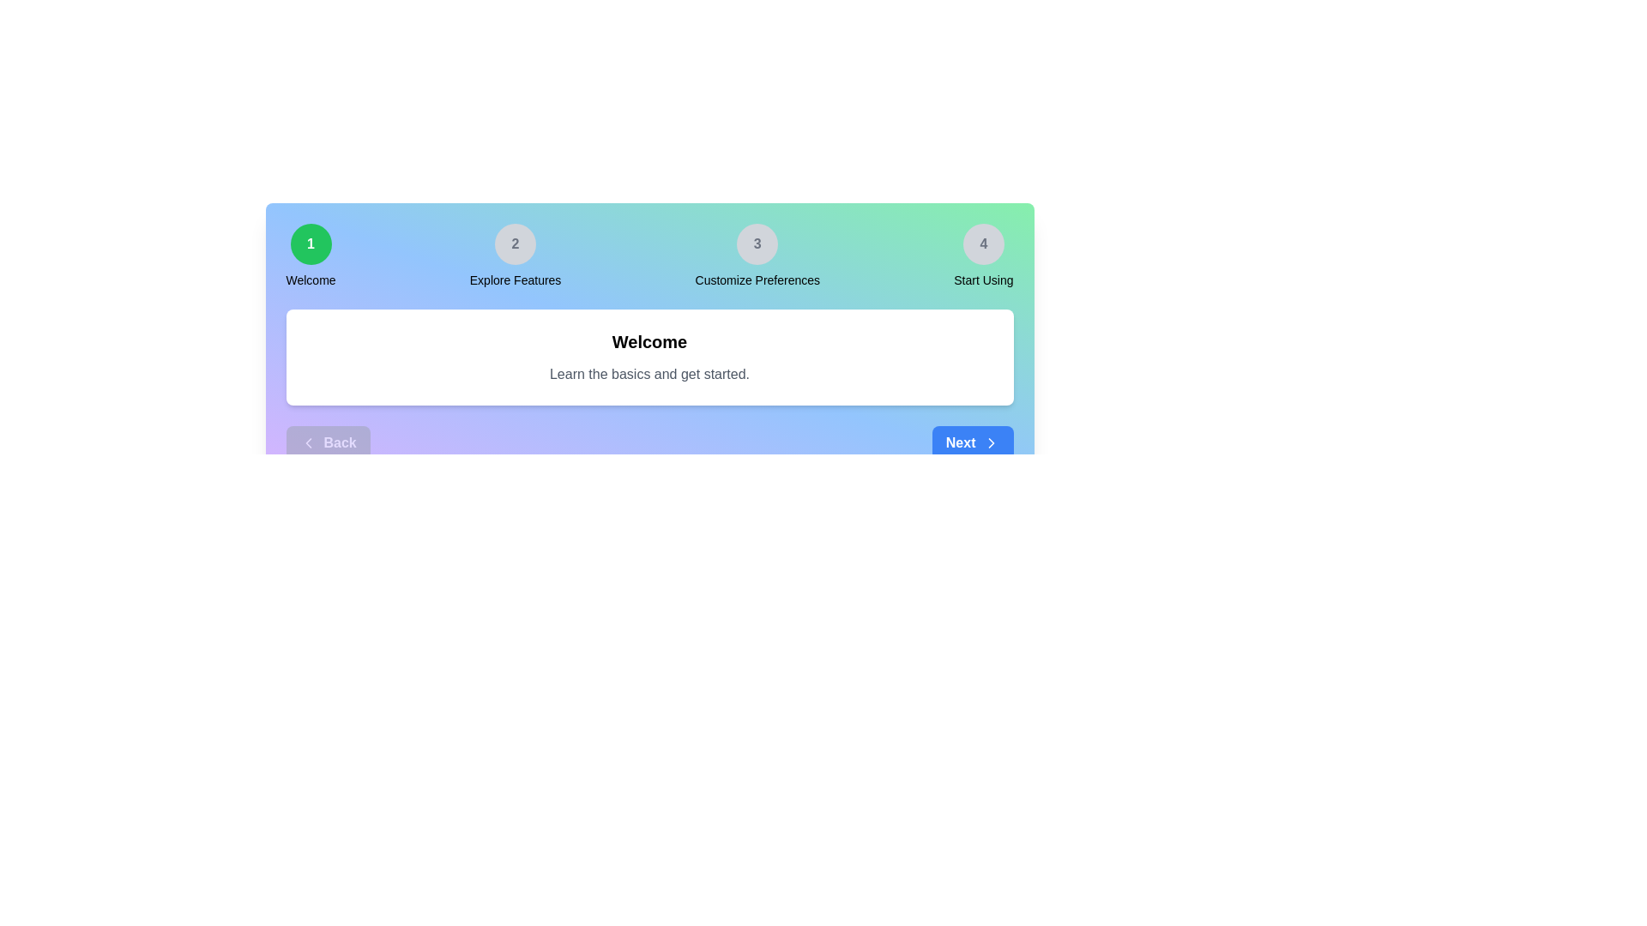  Describe the element at coordinates (515, 244) in the screenshot. I see `the progress indicator for step 2 to navigate to that step` at that location.